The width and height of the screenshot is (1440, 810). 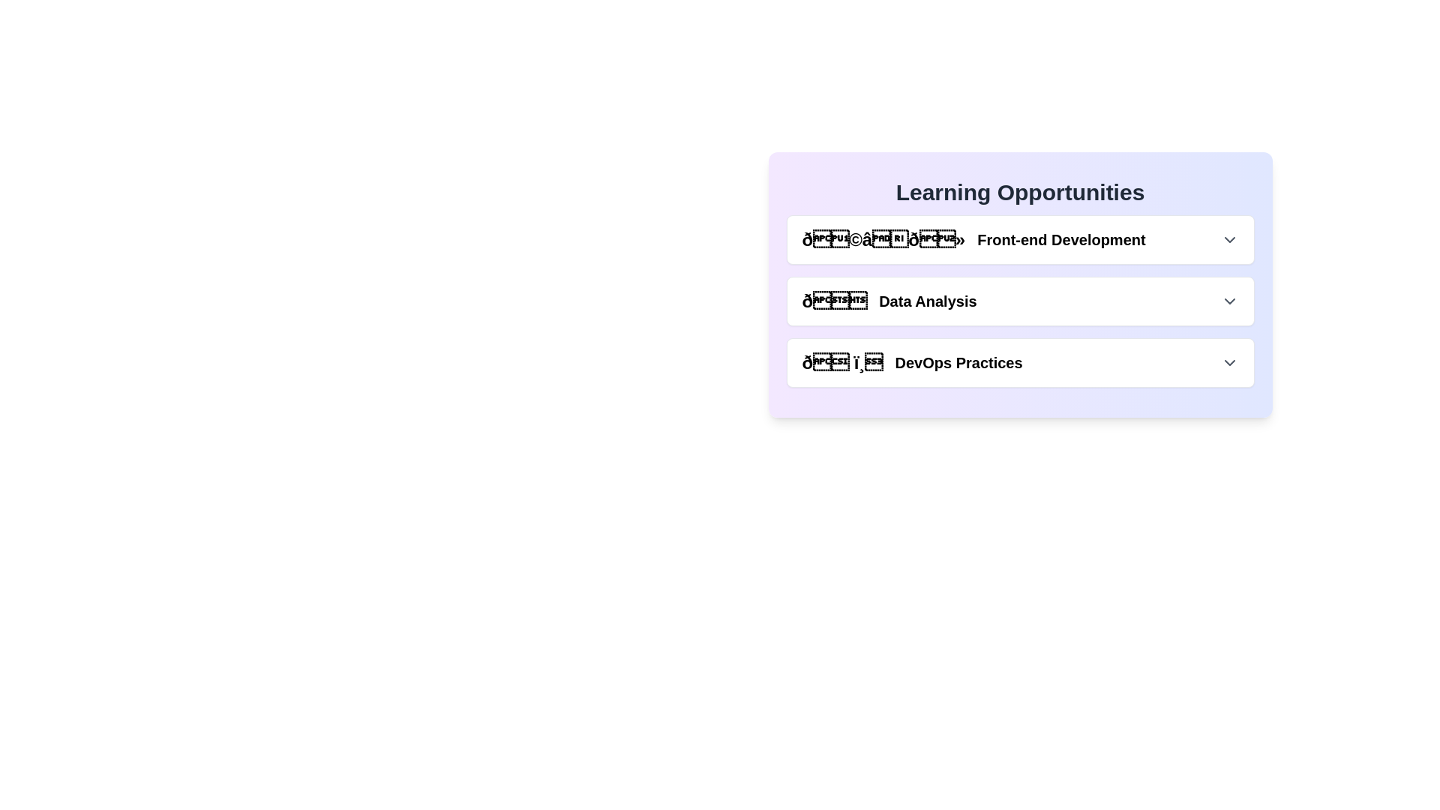 I want to click on the Interactive dropdown or button component for 'Front-end Development' located in the 'Learning Opportunities' section, so click(x=1020, y=239).